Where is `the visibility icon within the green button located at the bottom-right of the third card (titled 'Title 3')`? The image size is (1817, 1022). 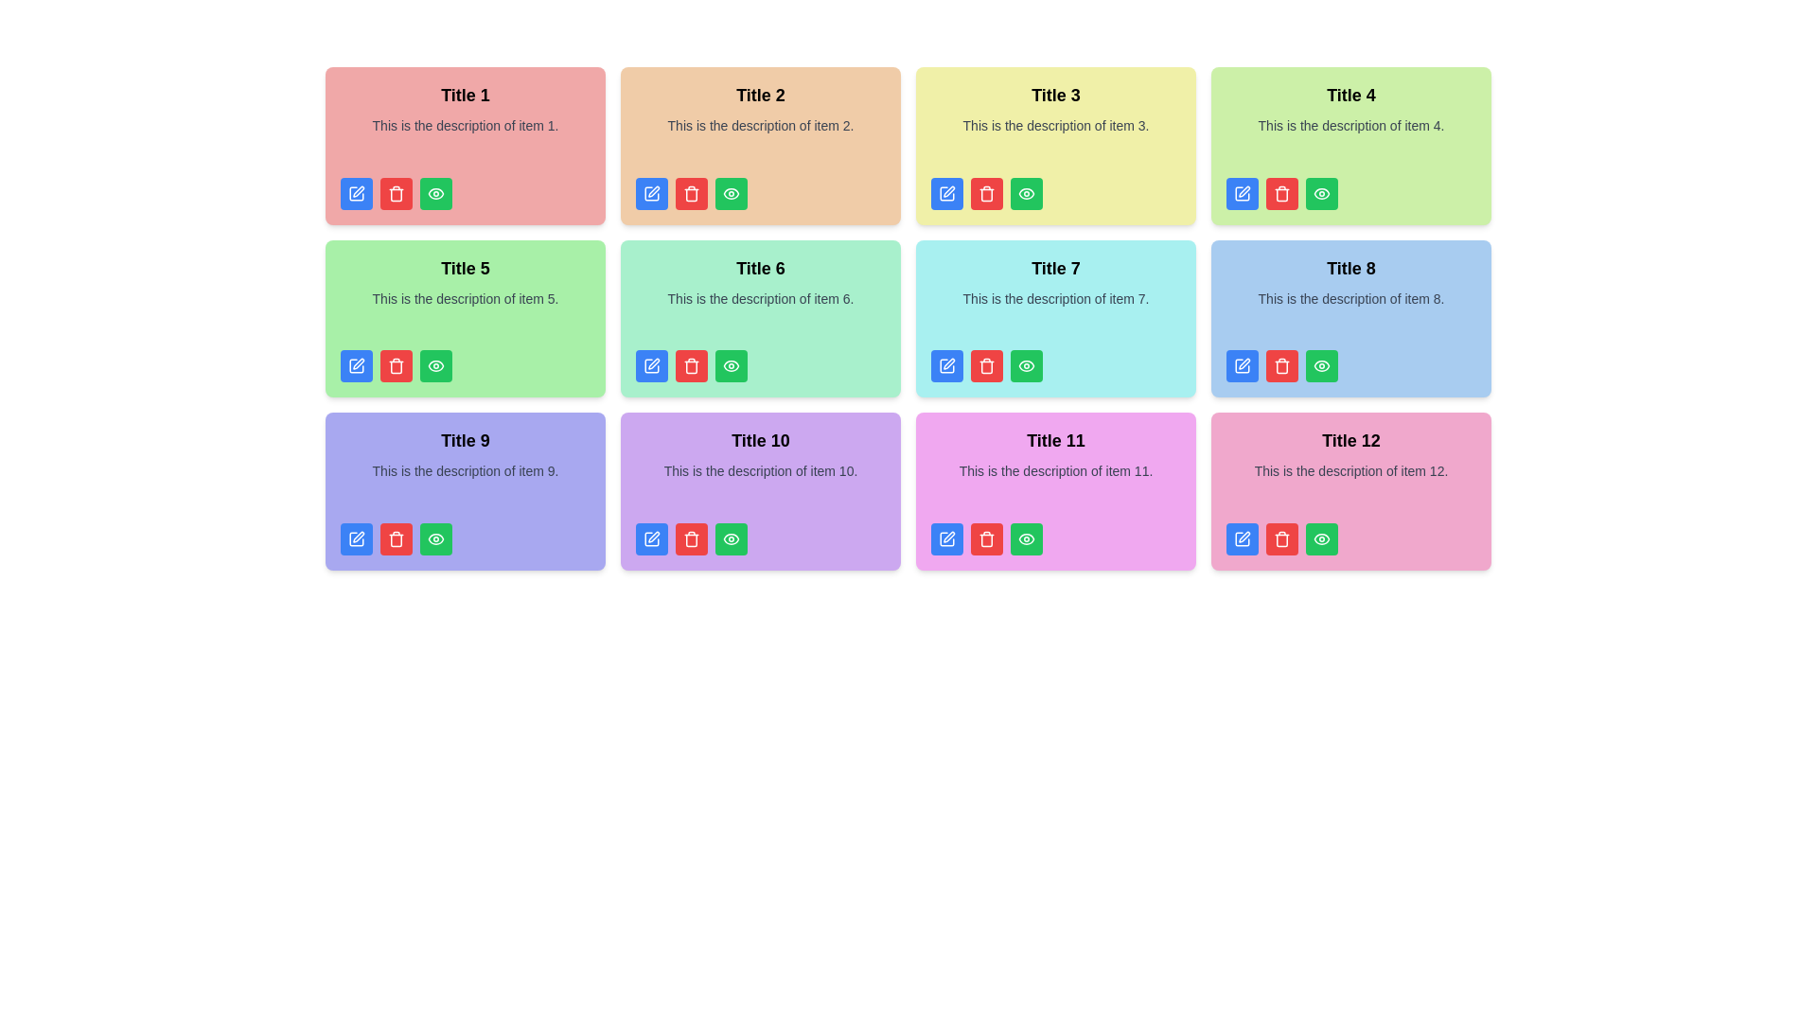 the visibility icon within the green button located at the bottom-right of the third card (titled 'Title 3') is located at coordinates (1025, 193).